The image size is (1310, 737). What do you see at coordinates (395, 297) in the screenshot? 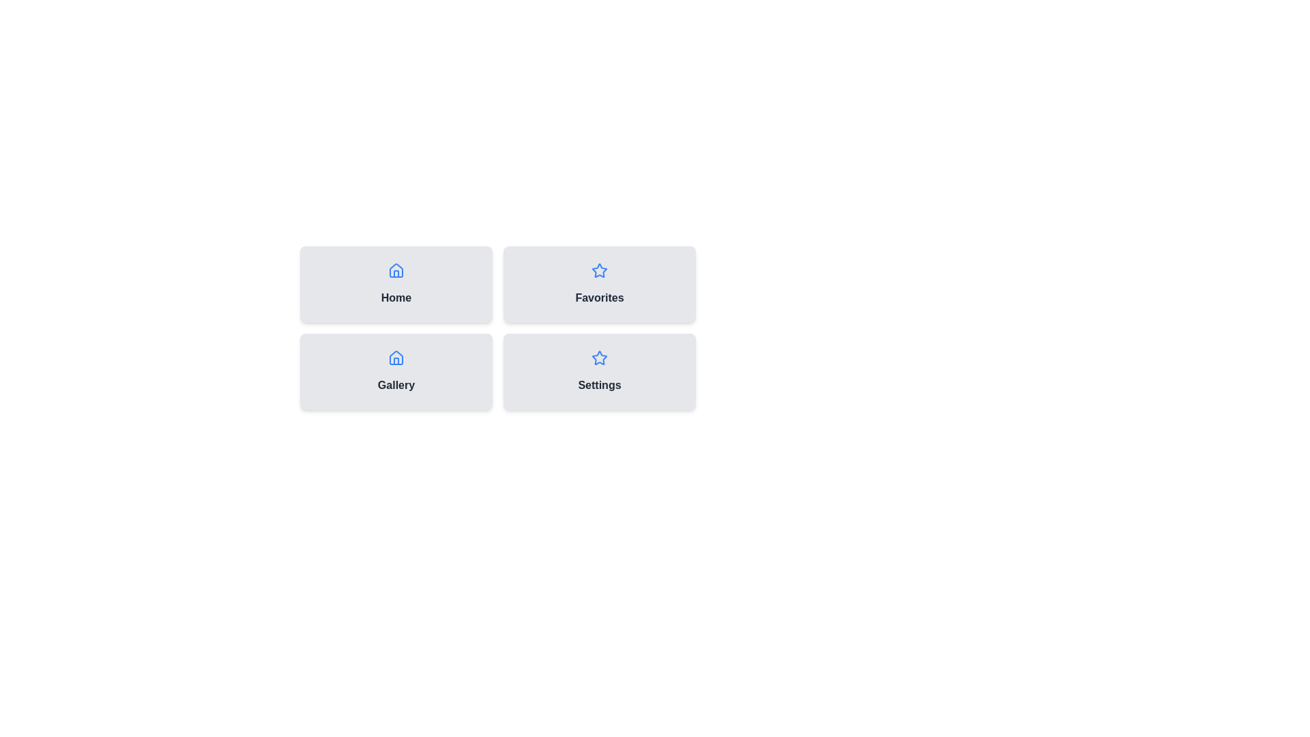
I see `the 'Home' text label, which is bold and dark gray, located centrally below a home icon and above other text indicators` at bounding box center [395, 297].